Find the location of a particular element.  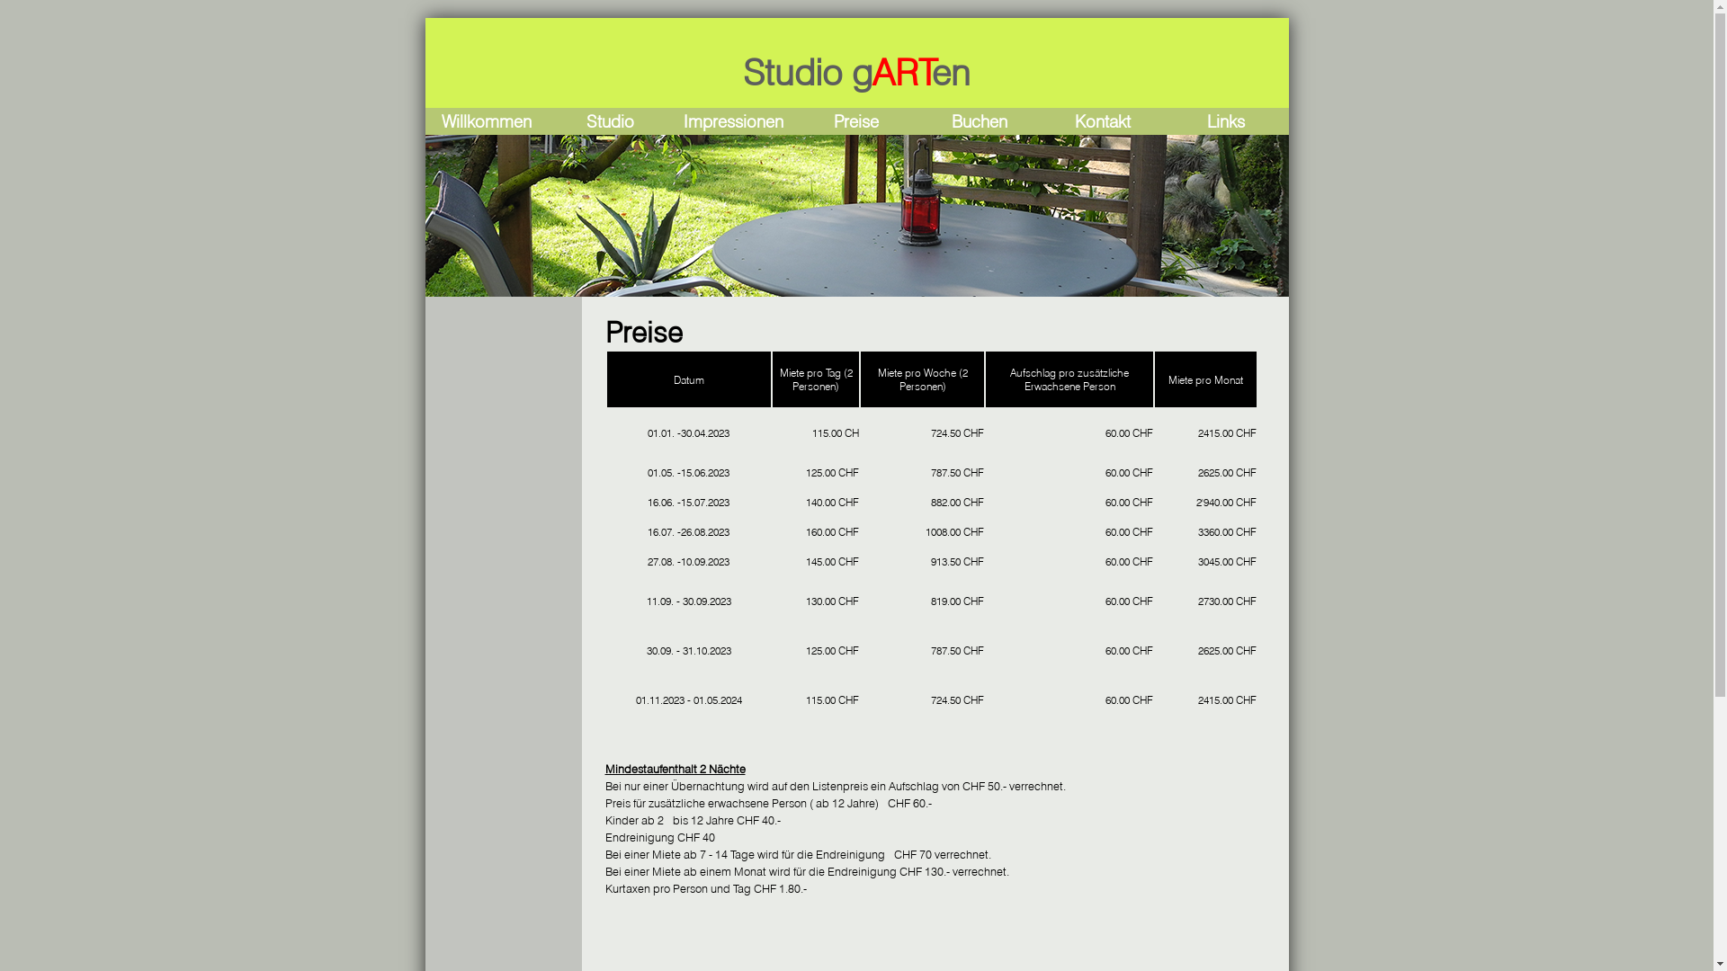

'Impressionen' is located at coordinates (733, 121).